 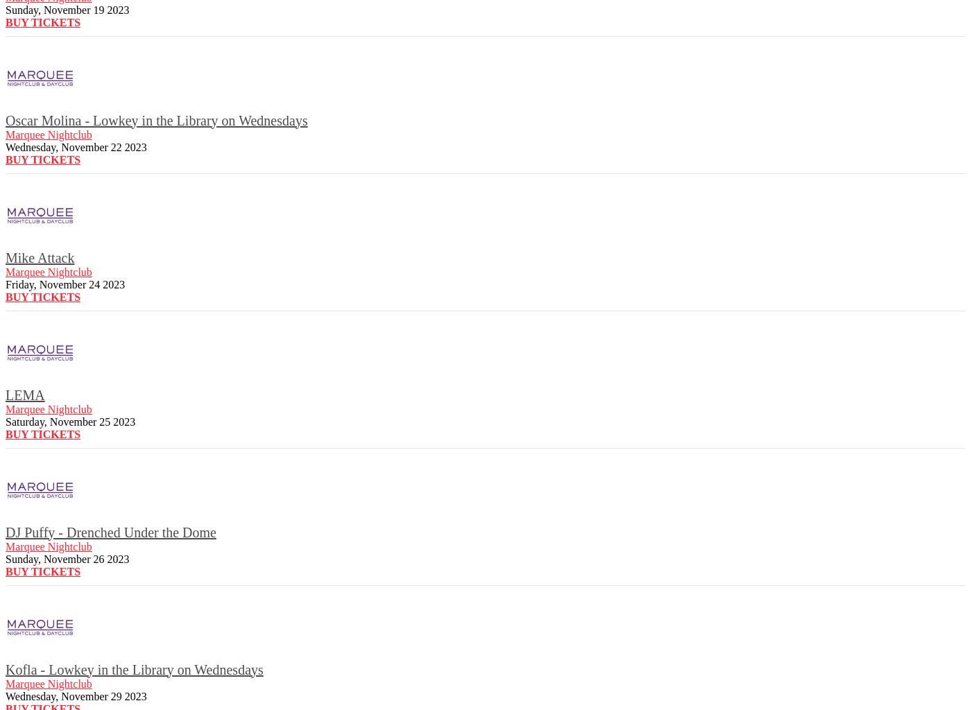 I want to click on 'LEMA', so click(x=24, y=394).